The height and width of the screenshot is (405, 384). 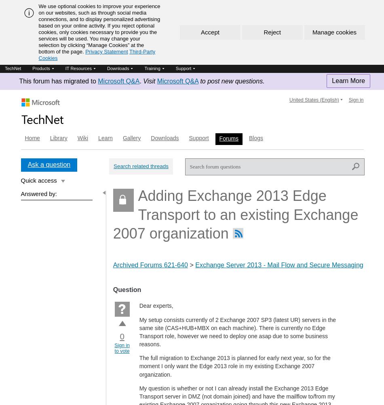 I want to click on 'Learn', so click(x=105, y=138).